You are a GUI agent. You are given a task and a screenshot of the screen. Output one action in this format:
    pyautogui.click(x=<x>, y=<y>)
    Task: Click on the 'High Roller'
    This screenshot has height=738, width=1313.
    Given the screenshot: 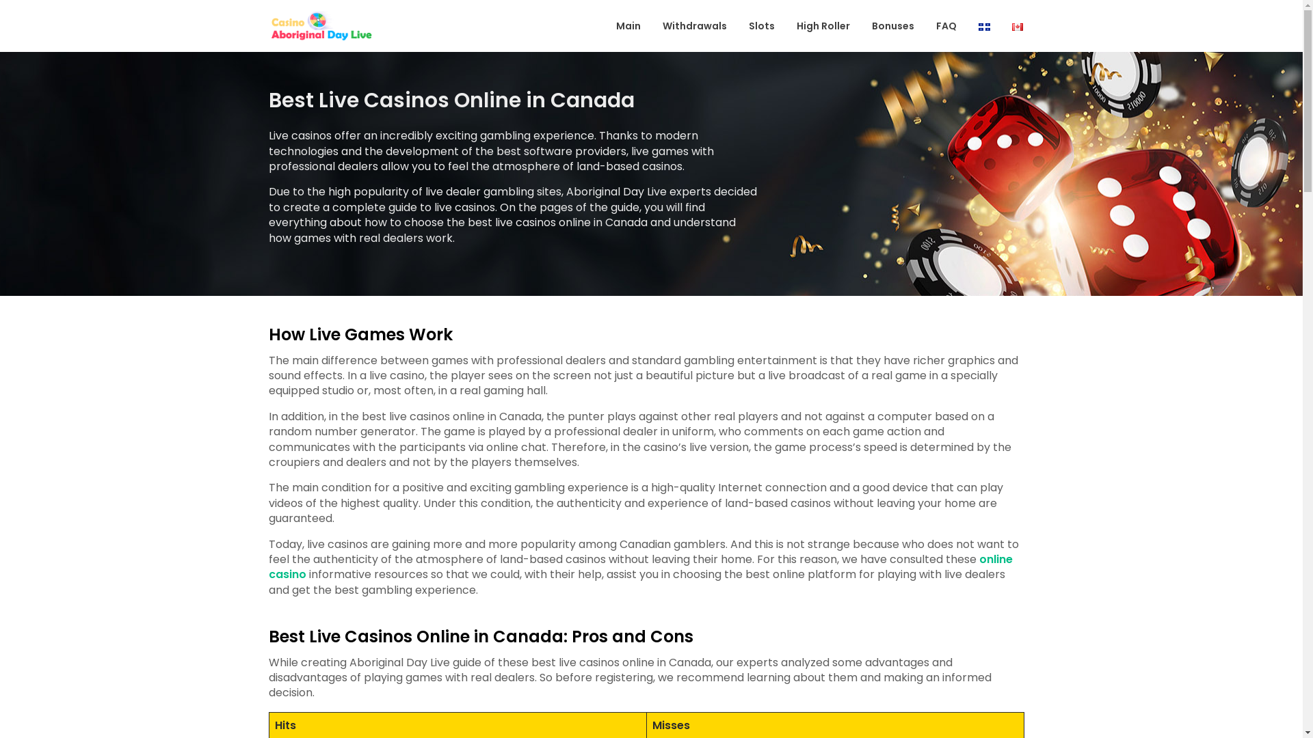 What is the action you would take?
    pyautogui.click(x=823, y=26)
    